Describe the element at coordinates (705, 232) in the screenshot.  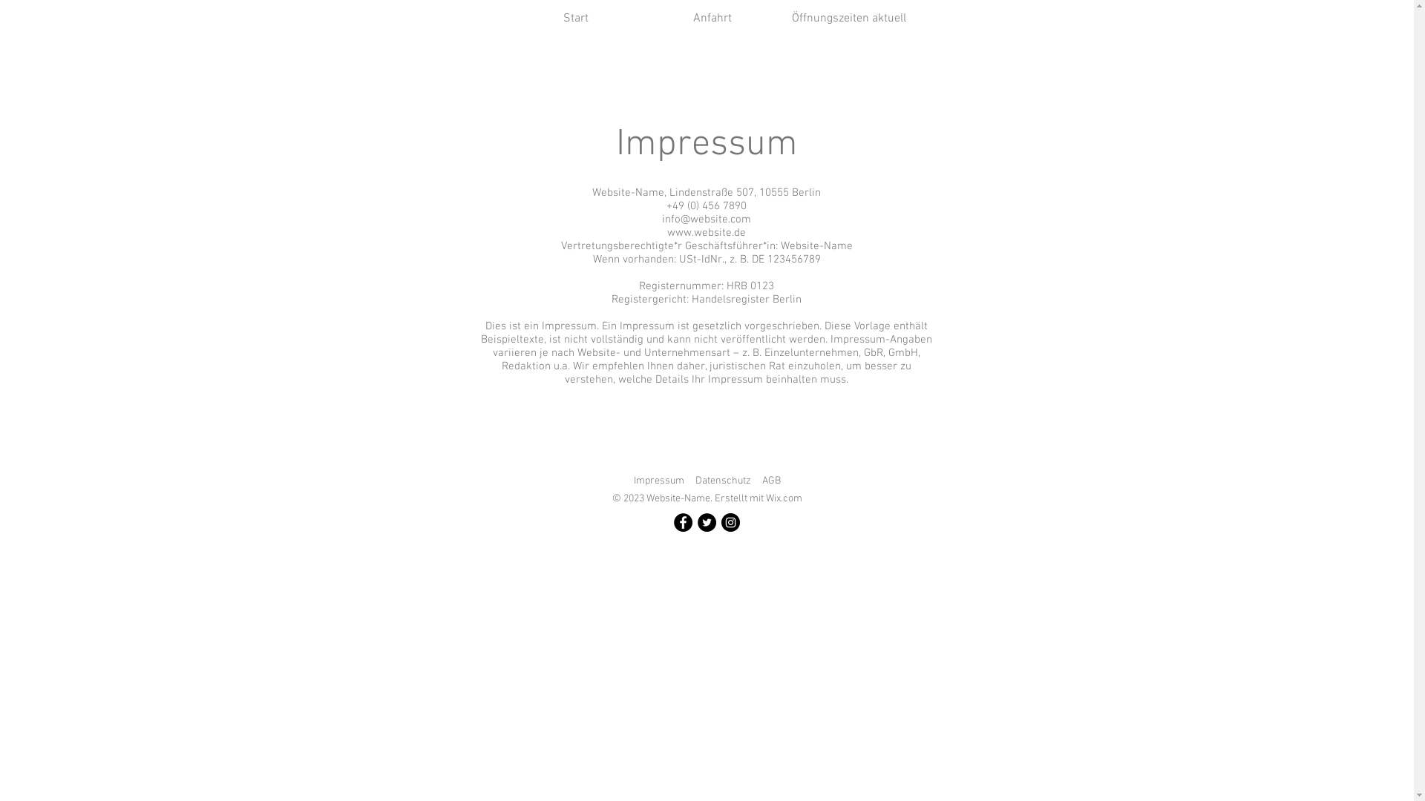
I see `'www.website.de'` at that location.